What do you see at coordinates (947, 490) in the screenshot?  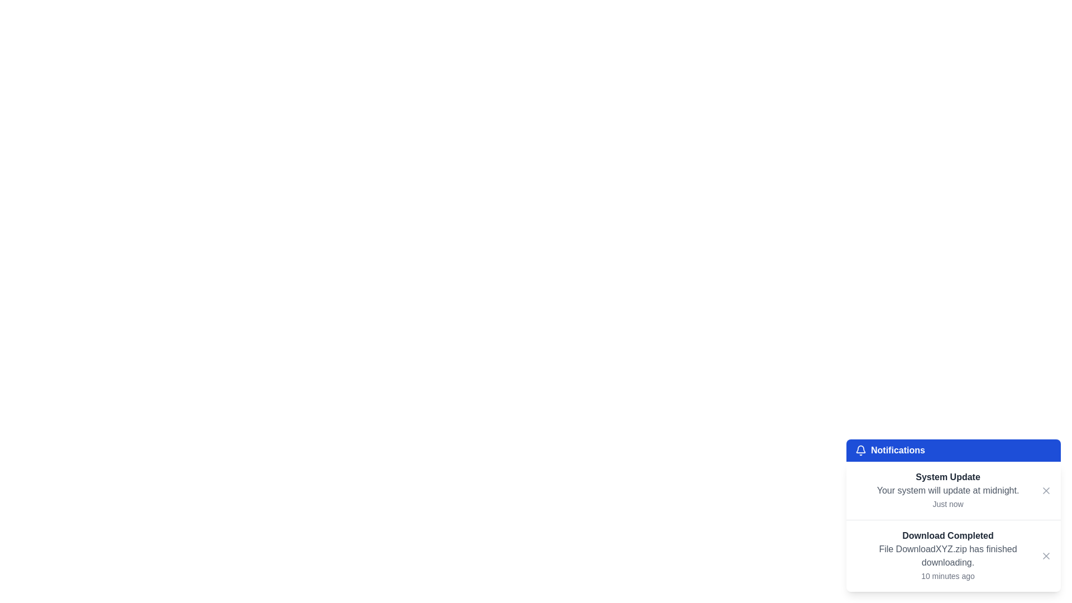 I see `the Text Label that displays 'Your system will update at midnight.' located in the notification panel under the 'System Update' title` at bounding box center [947, 490].